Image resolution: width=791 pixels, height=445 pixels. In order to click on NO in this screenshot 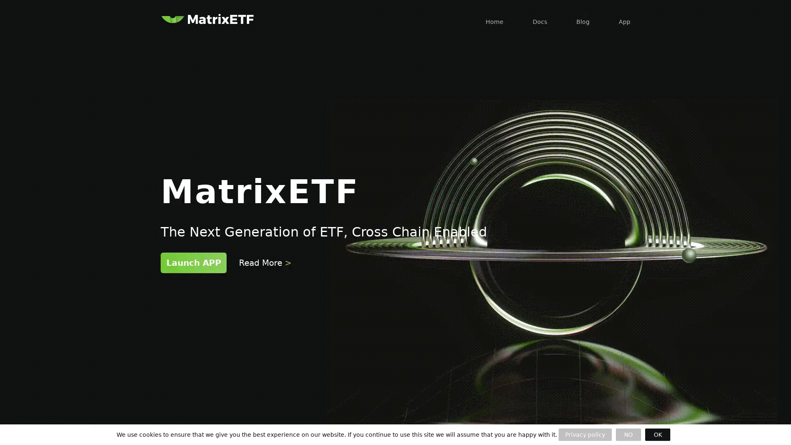, I will do `click(628, 434)`.